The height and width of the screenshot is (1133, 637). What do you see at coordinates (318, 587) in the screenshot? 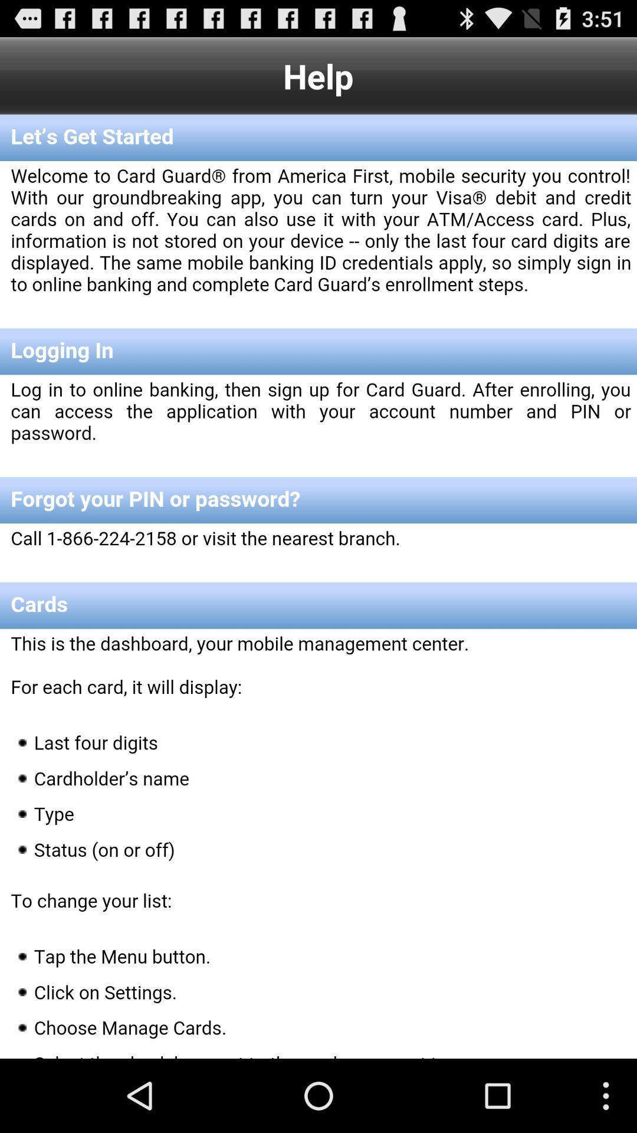
I see `help page` at bounding box center [318, 587].